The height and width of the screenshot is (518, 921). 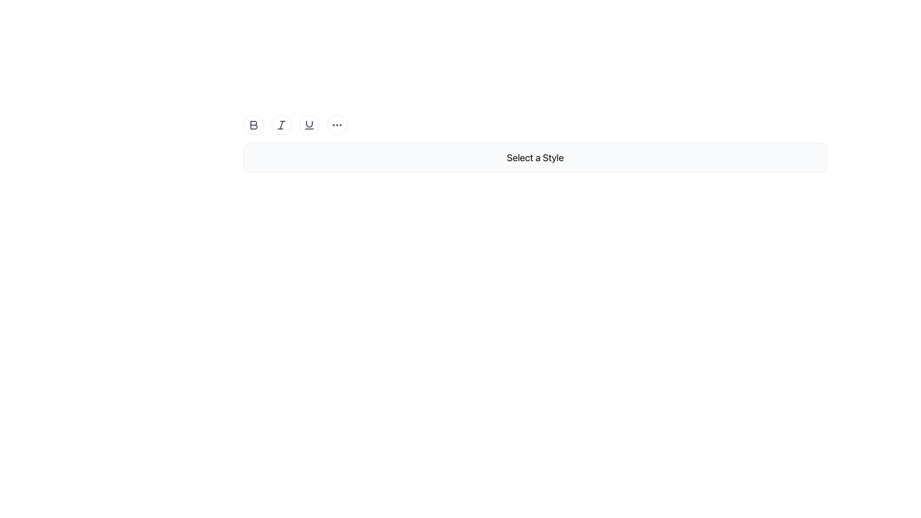 What do you see at coordinates (281, 125) in the screenshot?
I see `the SVG line segment representing the italic formatting option in the formatting icon row` at bounding box center [281, 125].